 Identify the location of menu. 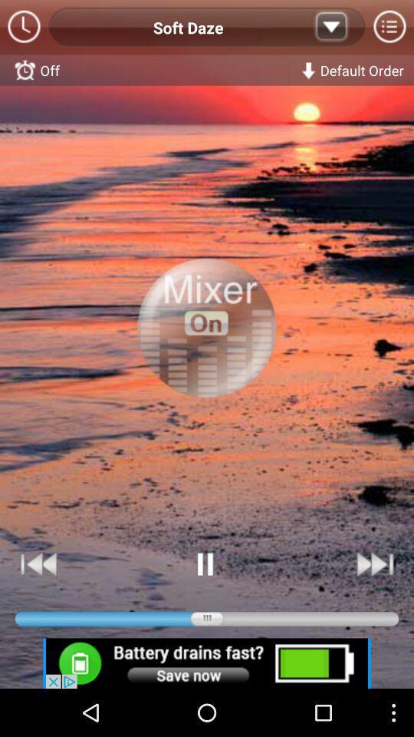
(389, 27).